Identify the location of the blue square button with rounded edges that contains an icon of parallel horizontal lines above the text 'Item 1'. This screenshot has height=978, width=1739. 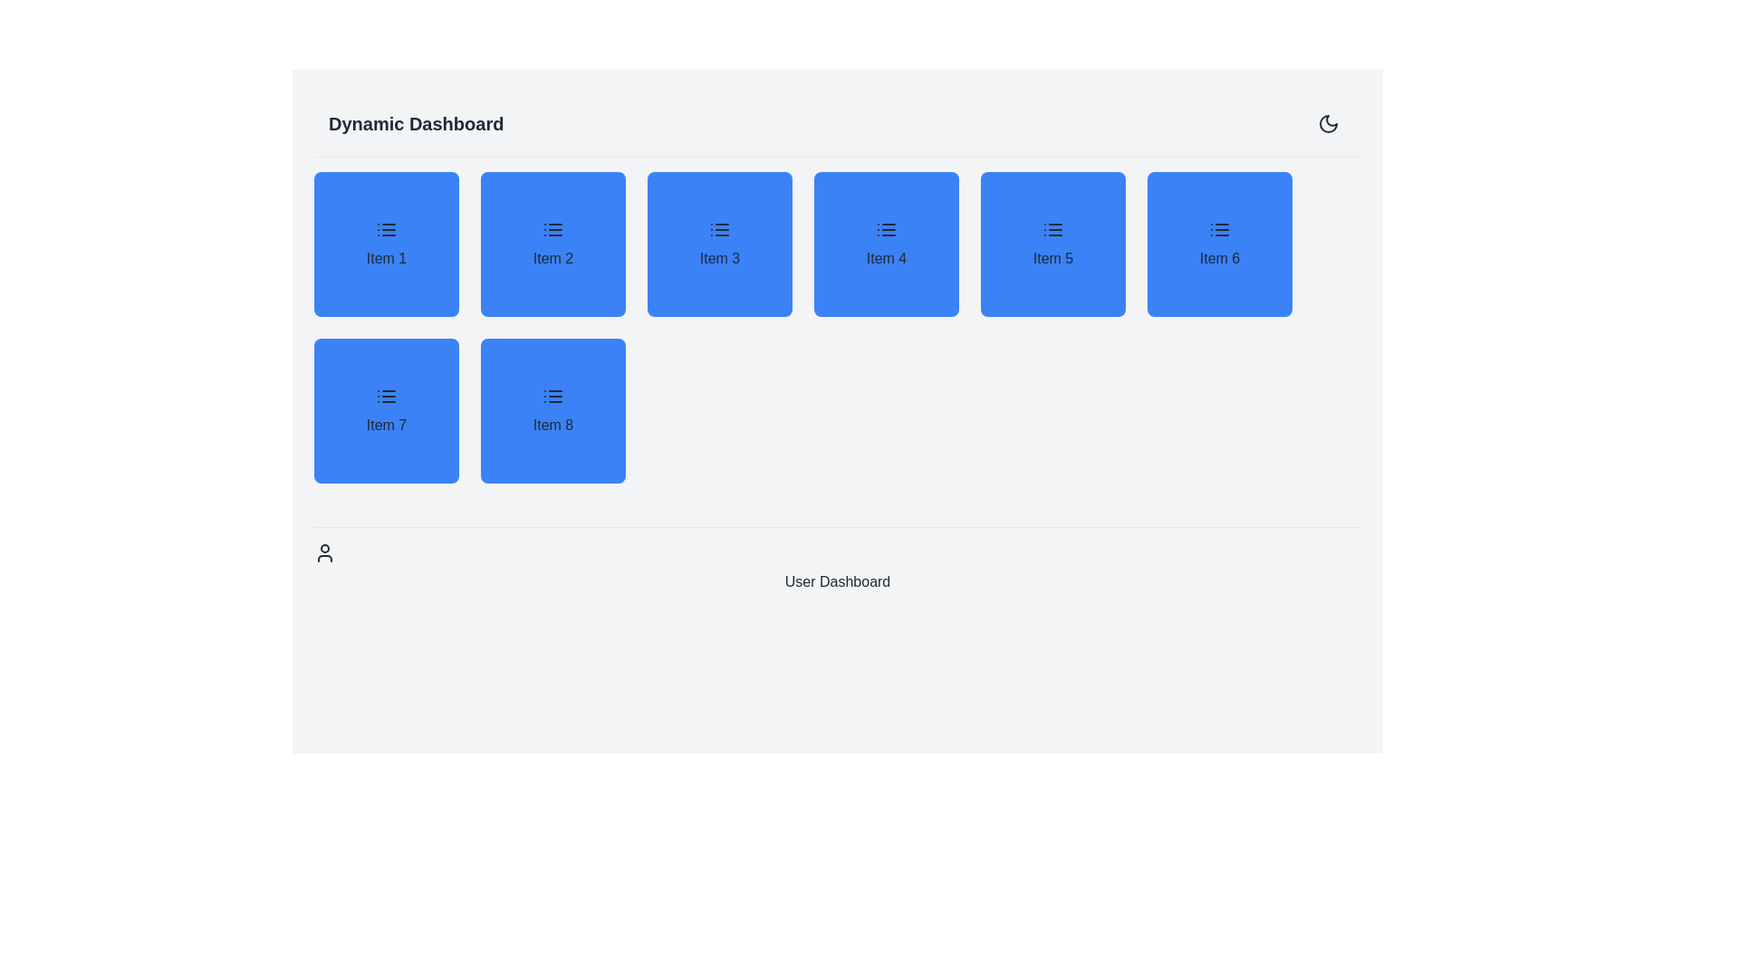
(386, 244).